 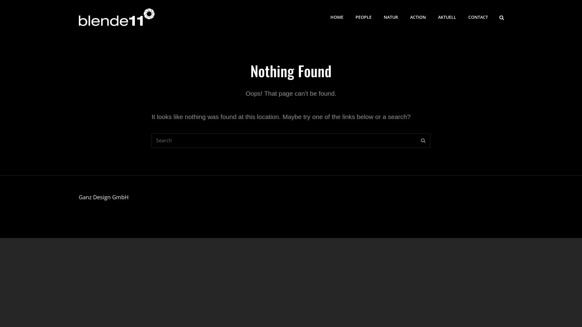 What do you see at coordinates (478, 17) in the screenshot?
I see `'CONTACT'` at bounding box center [478, 17].